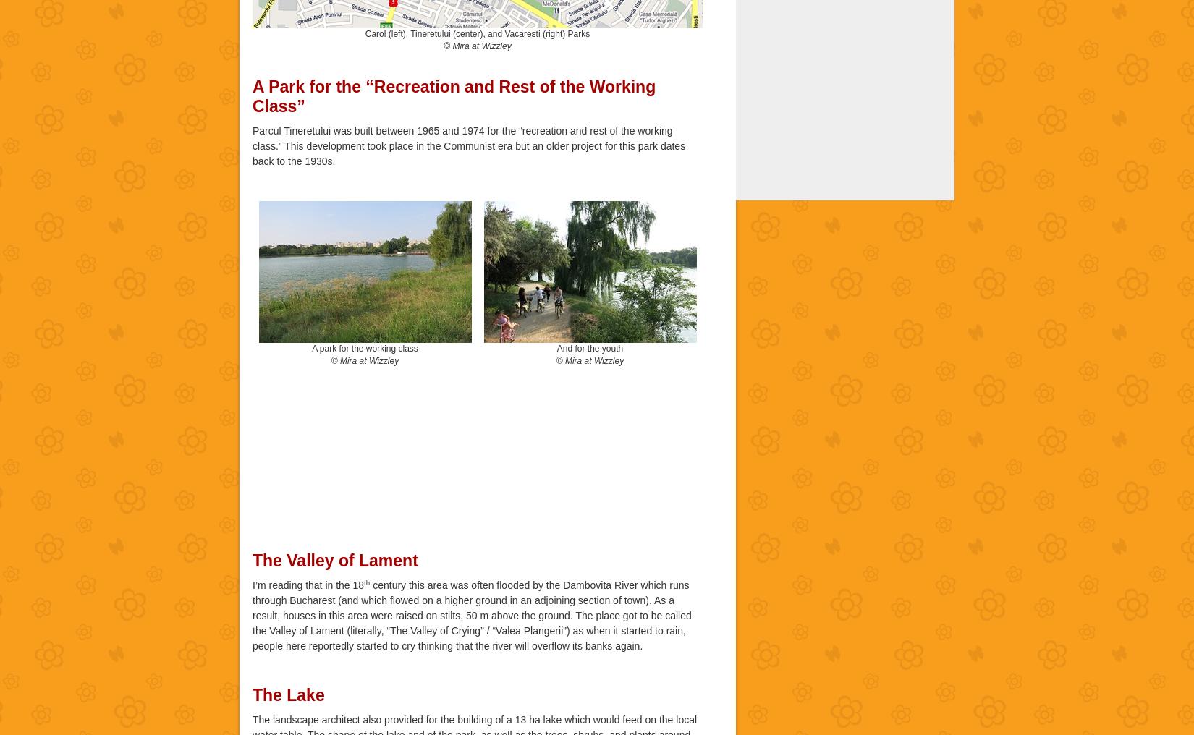  I want to click on 'century this area was often flooded by the Dambovita River which runs through Bucharest (and which flowed on a higher ground in an adjoining section of town). As a result, houses in this area were raised on stilts, 50 m above the ground. The place got to be called the Valley of Lament (literally, “The Valley of Crying” / “Valea Plangerii”) as when it started to rain, people here reportedly started to cry thinking that the river will overflow its banks again.', so click(471, 614).